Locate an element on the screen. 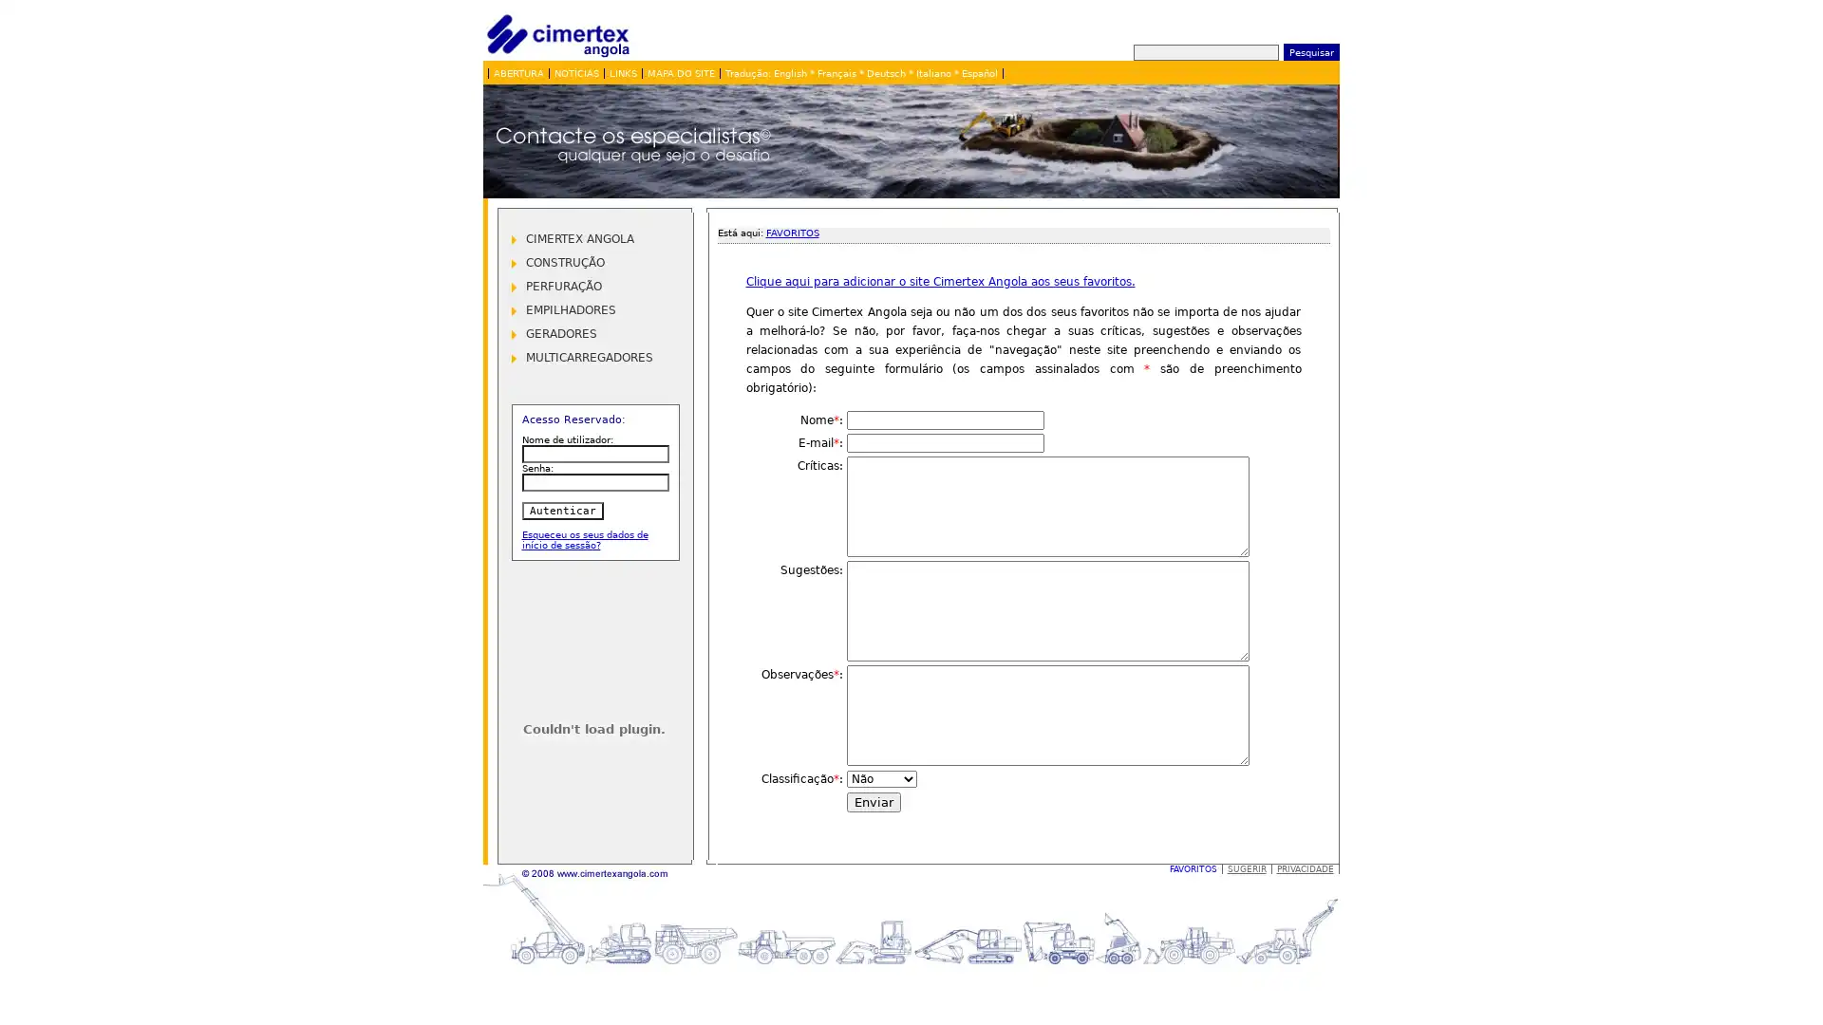 The height and width of the screenshot is (1025, 1823). Enviar is located at coordinates (872, 802).